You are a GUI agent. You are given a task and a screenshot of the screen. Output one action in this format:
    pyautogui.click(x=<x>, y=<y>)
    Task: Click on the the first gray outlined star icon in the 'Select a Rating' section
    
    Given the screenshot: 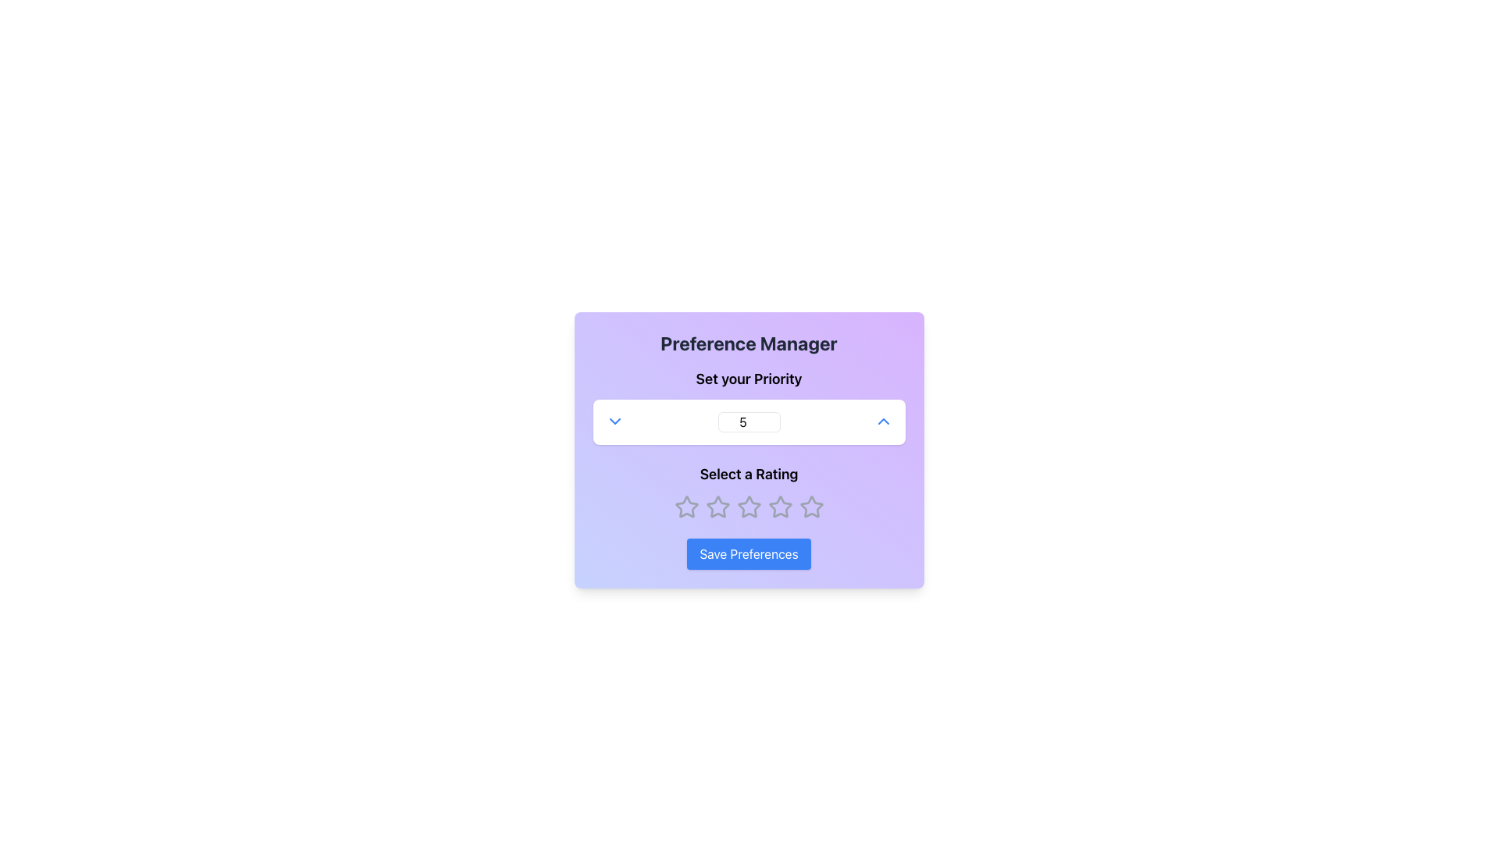 What is the action you would take?
    pyautogui.click(x=686, y=507)
    